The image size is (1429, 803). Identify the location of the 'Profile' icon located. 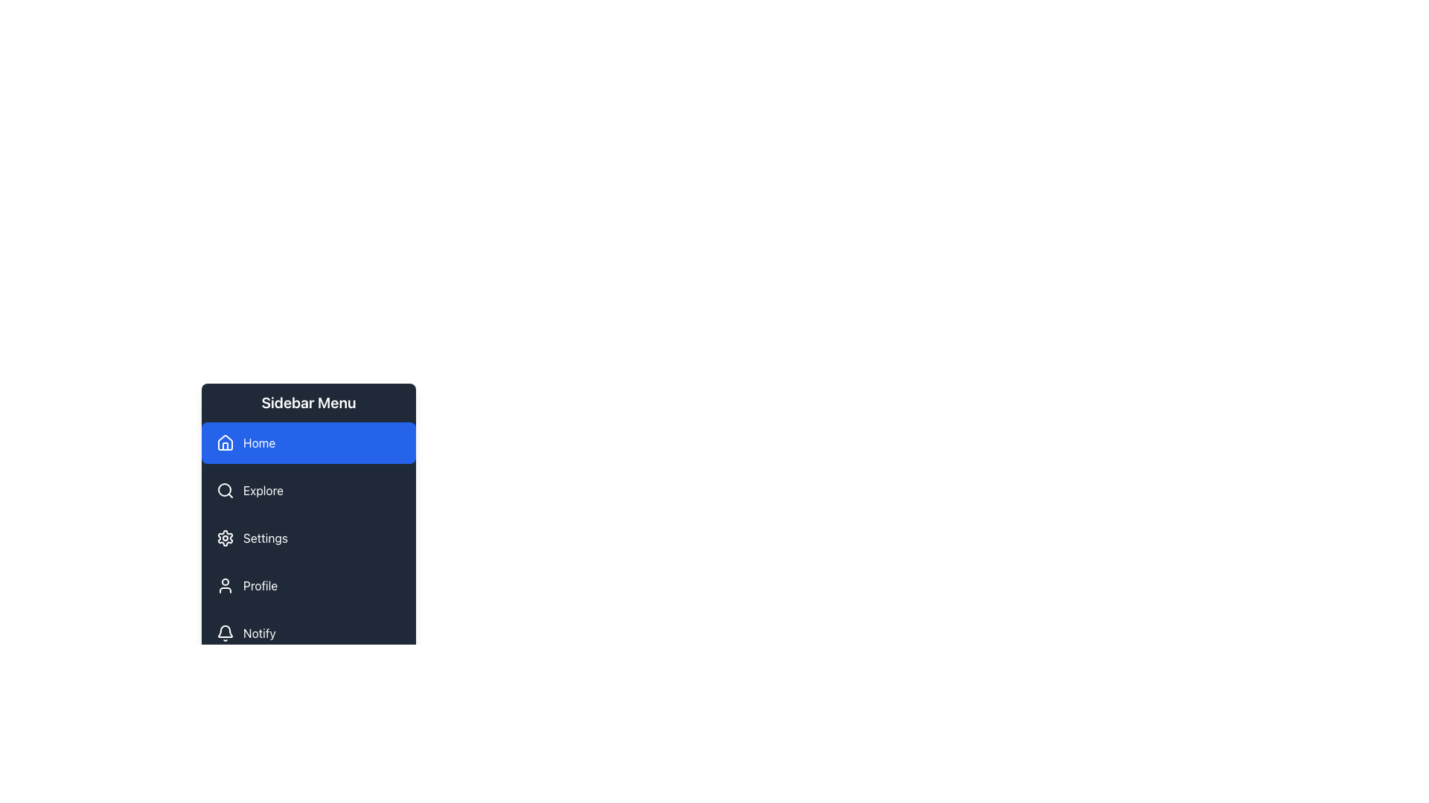
(224, 584).